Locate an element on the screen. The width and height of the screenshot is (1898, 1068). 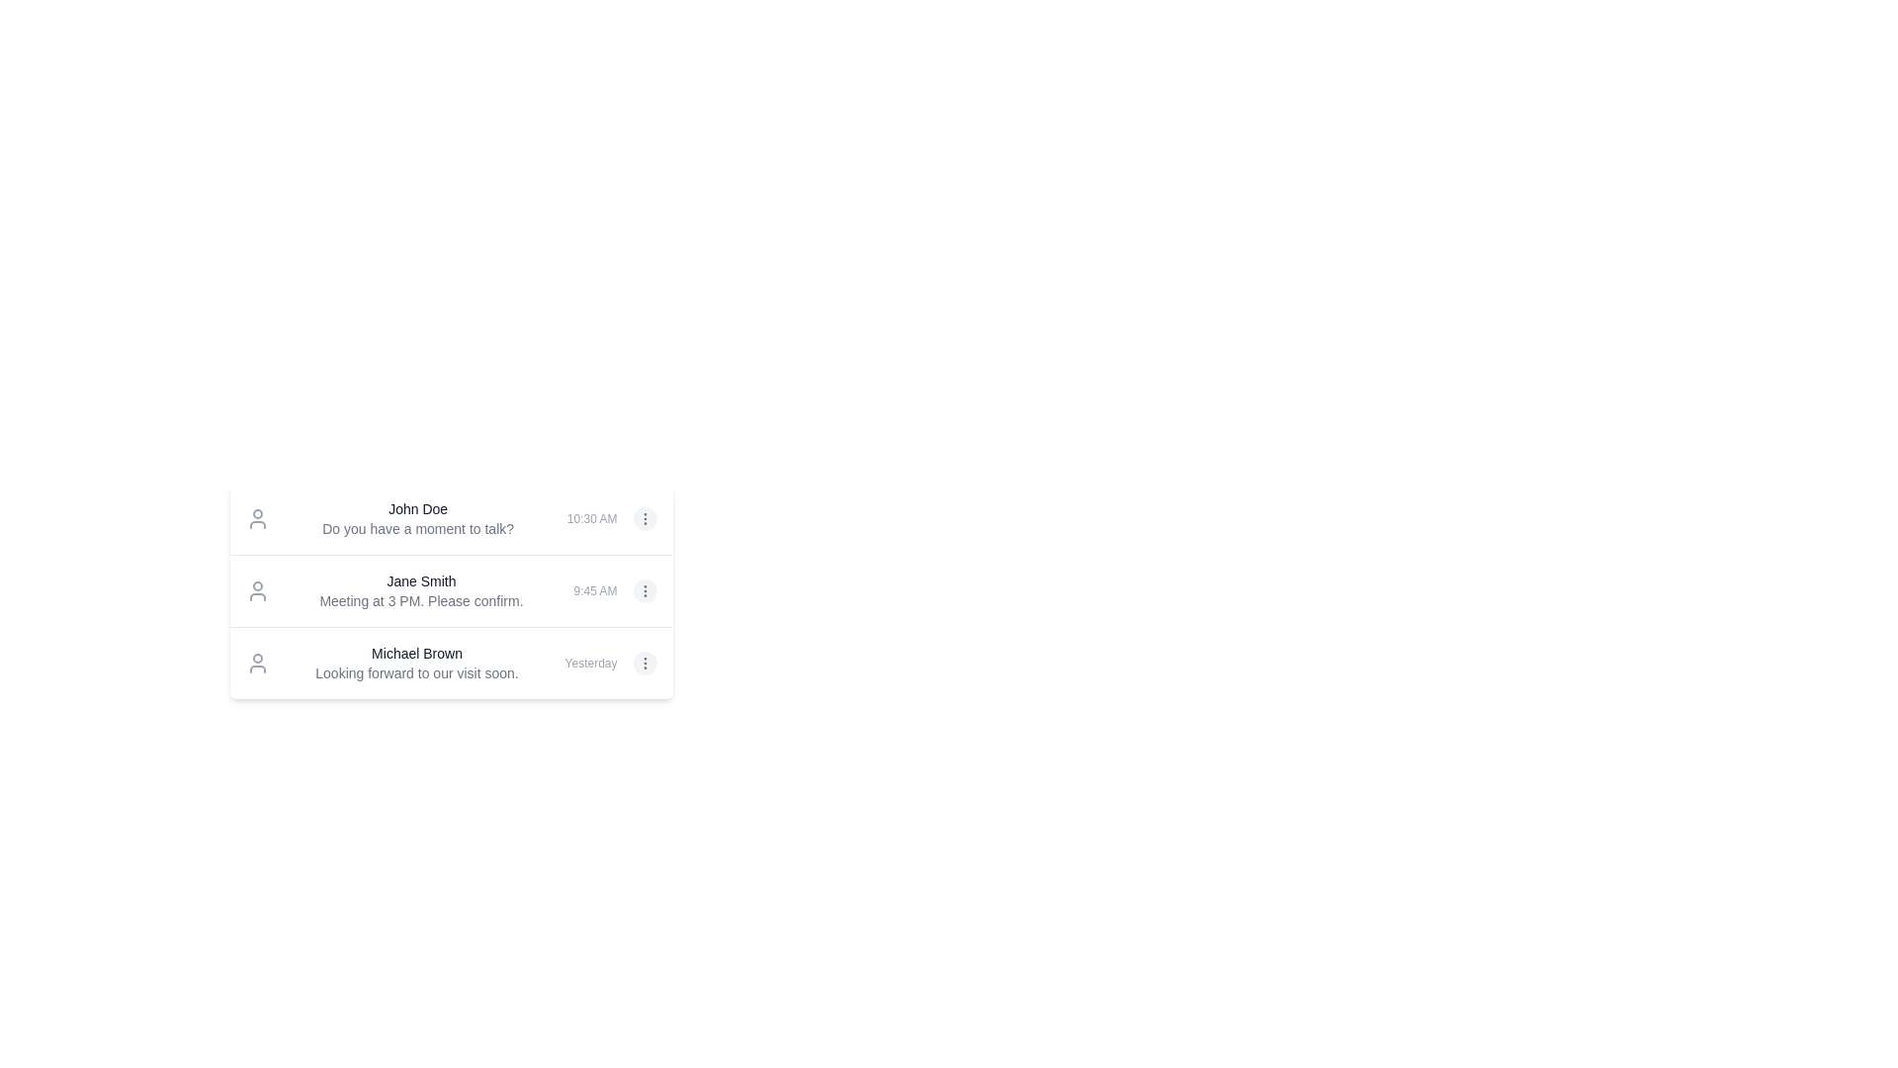
the timestamp text label located at the far right of the row, adjacent to the clickable icon is located at coordinates (590, 664).